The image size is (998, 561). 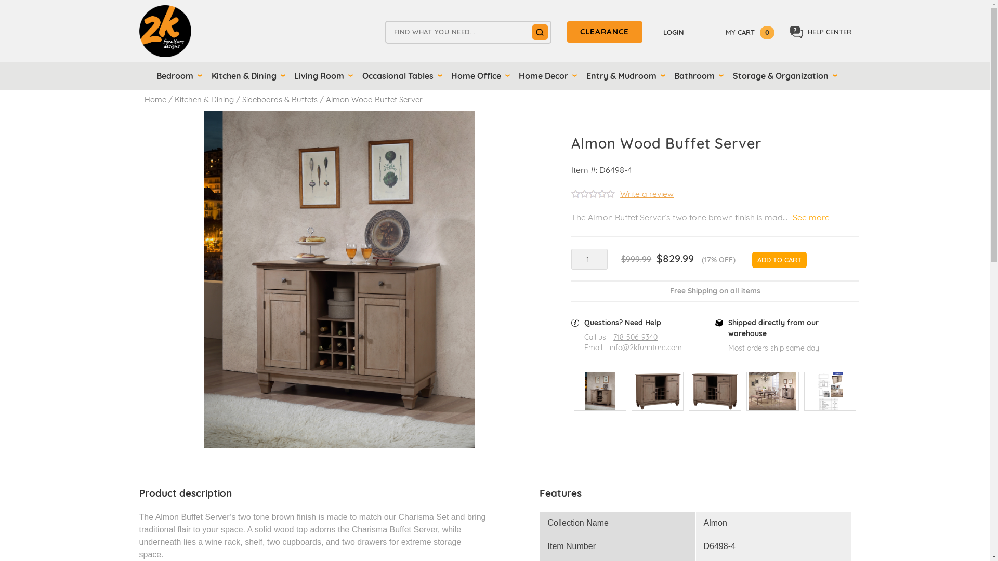 What do you see at coordinates (613, 337) in the screenshot?
I see `'718-506-9340'` at bounding box center [613, 337].